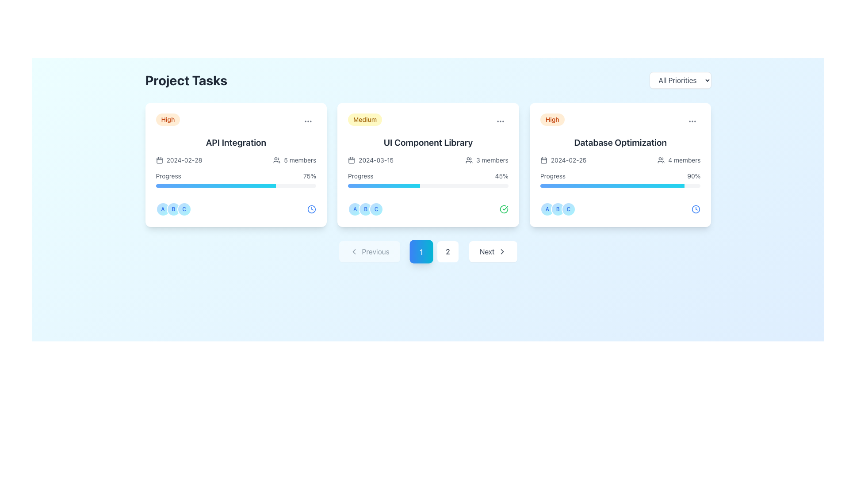  Describe the element at coordinates (236, 179) in the screenshot. I see `the 'Progress' text within the progress bar component that displays '75%' to interact with the progress information` at that location.